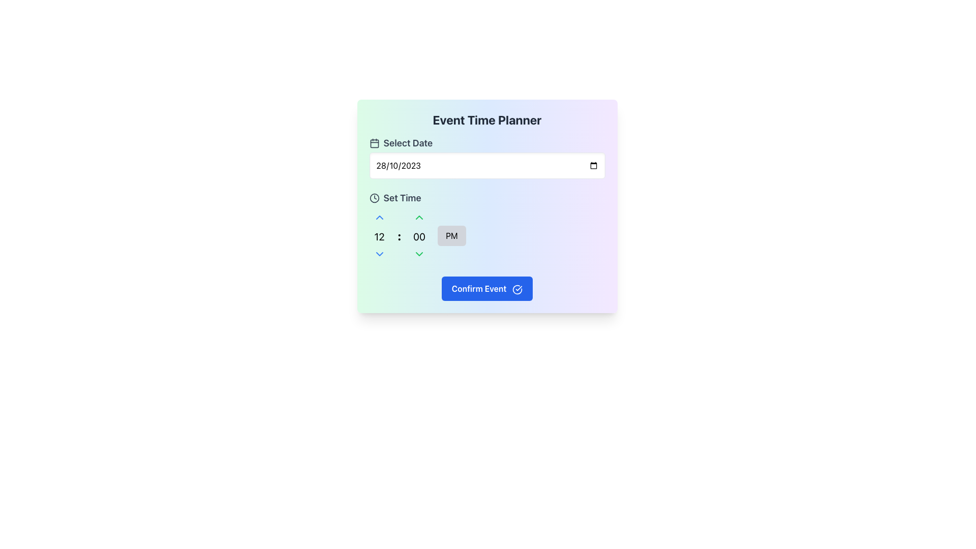 This screenshot has height=549, width=976. What do you see at coordinates (379, 217) in the screenshot?
I see `the chevron-up button located directly above the hour input field in the 'Set Time' section of the 'Event Time Planner' interface` at bounding box center [379, 217].